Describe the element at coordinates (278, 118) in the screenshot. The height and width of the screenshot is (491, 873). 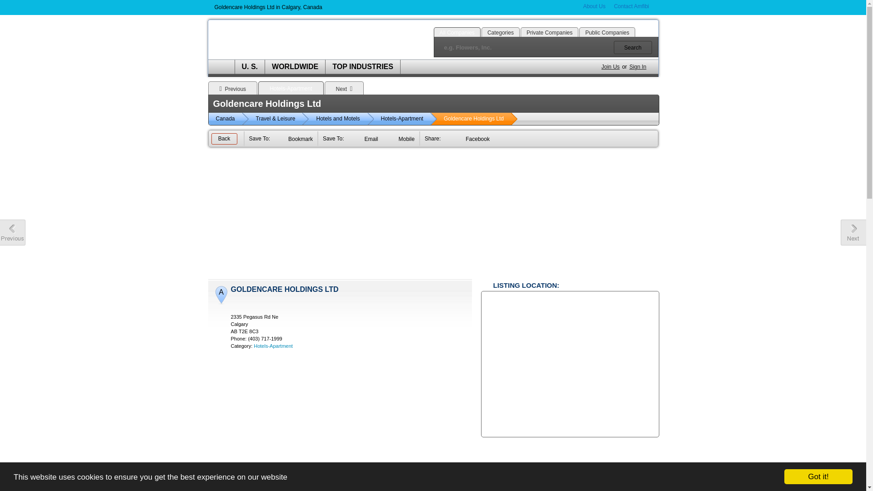
I see `'Travel & Leisure'` at that location.